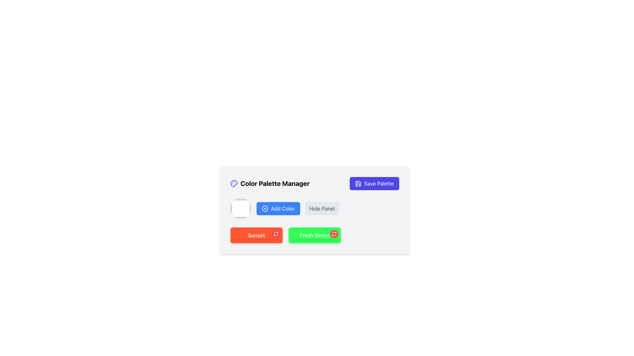 This screenshot has width=634, height=356. What do you see at coordinates (234, 183) in the screenshot?
I see `the indigo circular palette icon located to the left of the 'Color Palette Manager' label in the Color Palette Manager section` at bounding box center [234, 183].